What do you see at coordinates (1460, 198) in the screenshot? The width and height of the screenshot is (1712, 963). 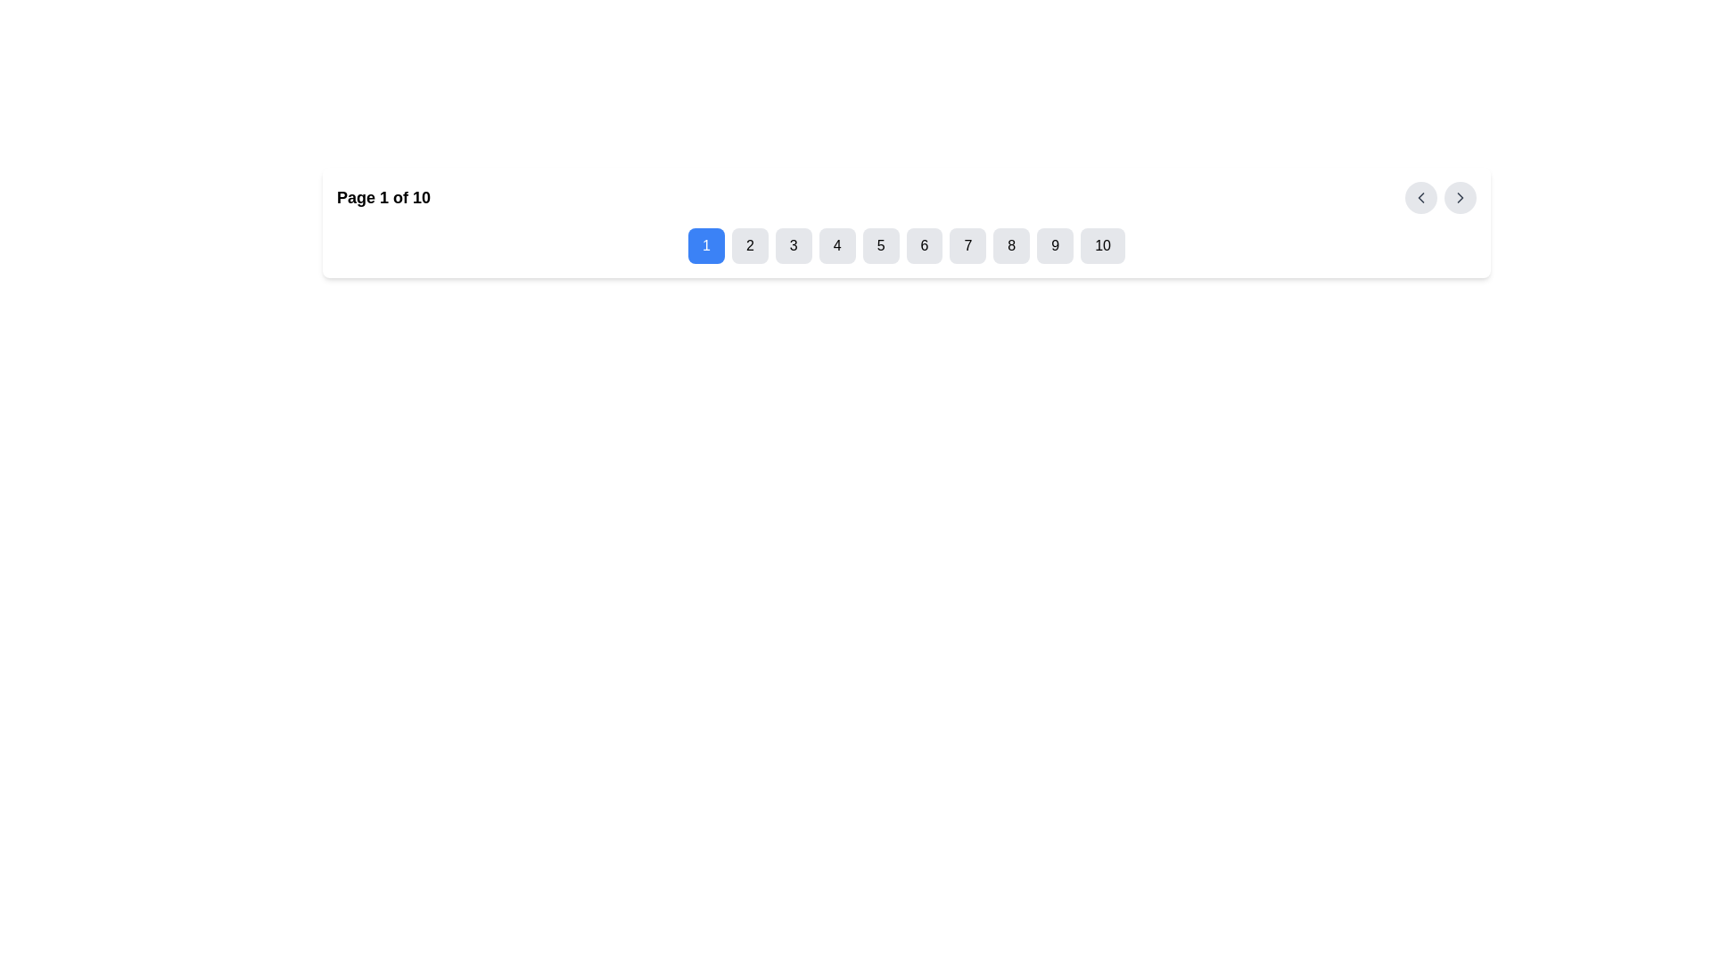 I see `the 'next' button located at the far right of the pagination controls` at bounding box center [1460, 198].